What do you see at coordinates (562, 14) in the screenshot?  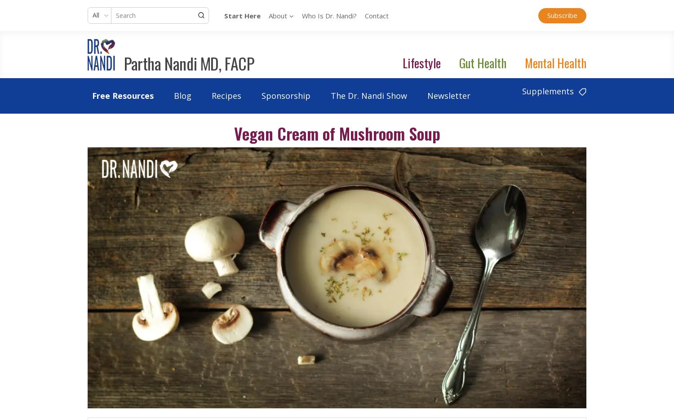 I see `'Subscribe'` at bounding box center [562, 14].